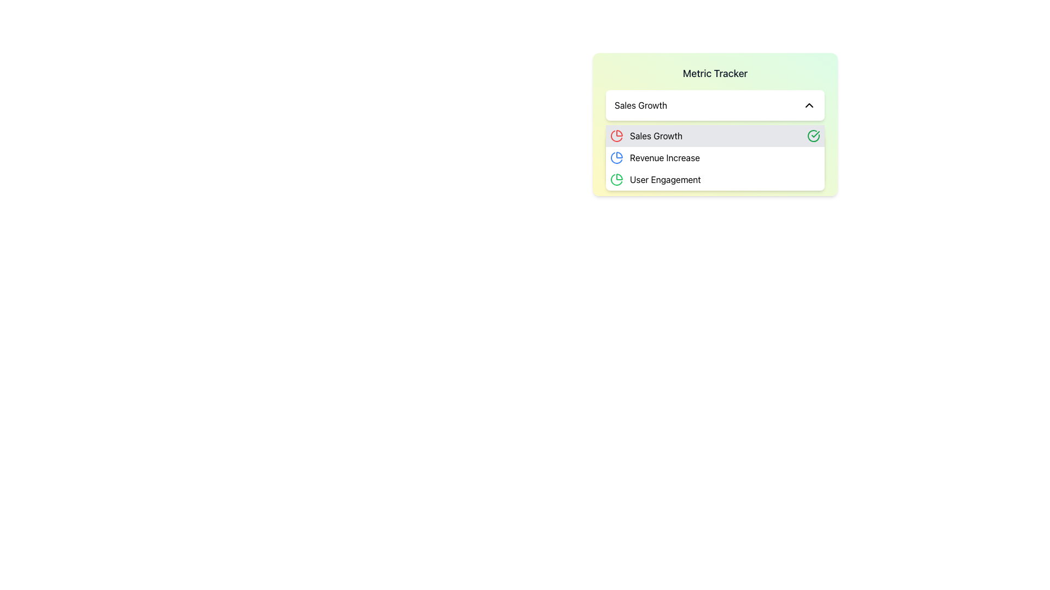  What do you see at coordinates (619, 155) in the screenshot?
I see `the light blue segment of the pie chart icon representing 'Sales Growth' in the dropdown menu for selecting specific metrics` at bounding box center [619, 155].